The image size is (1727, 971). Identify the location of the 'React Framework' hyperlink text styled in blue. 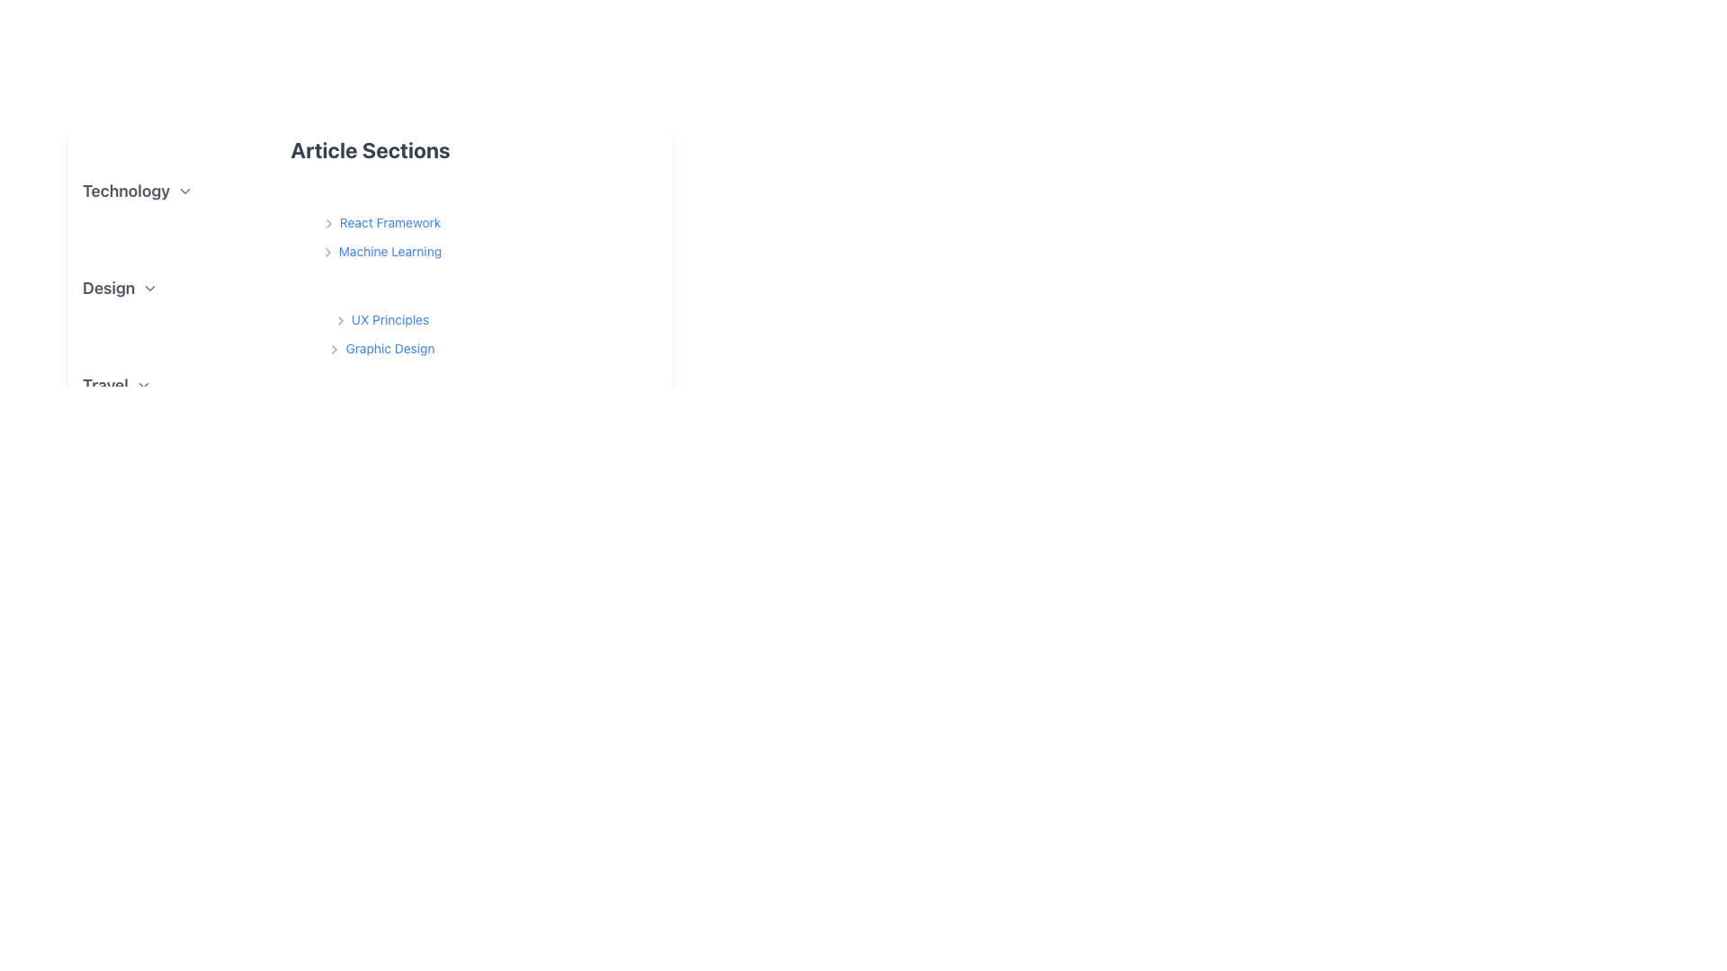
(380, 221).